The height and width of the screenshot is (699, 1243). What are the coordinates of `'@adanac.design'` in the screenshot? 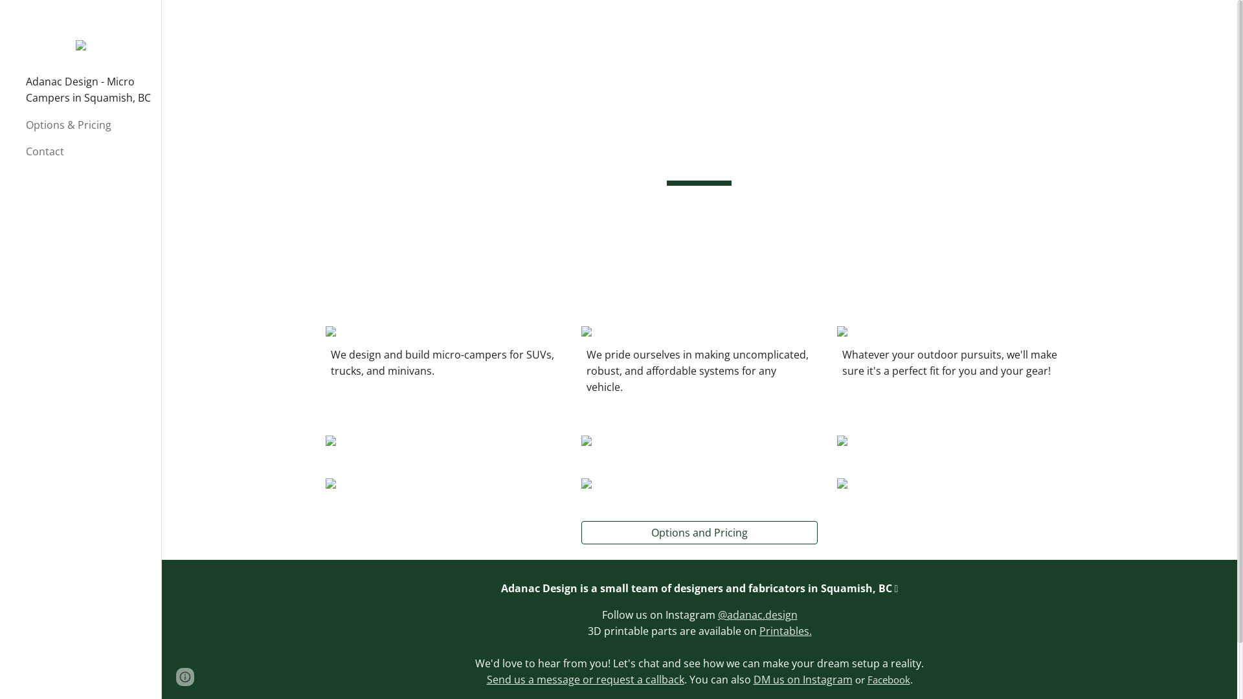 It's located at (717, 614).